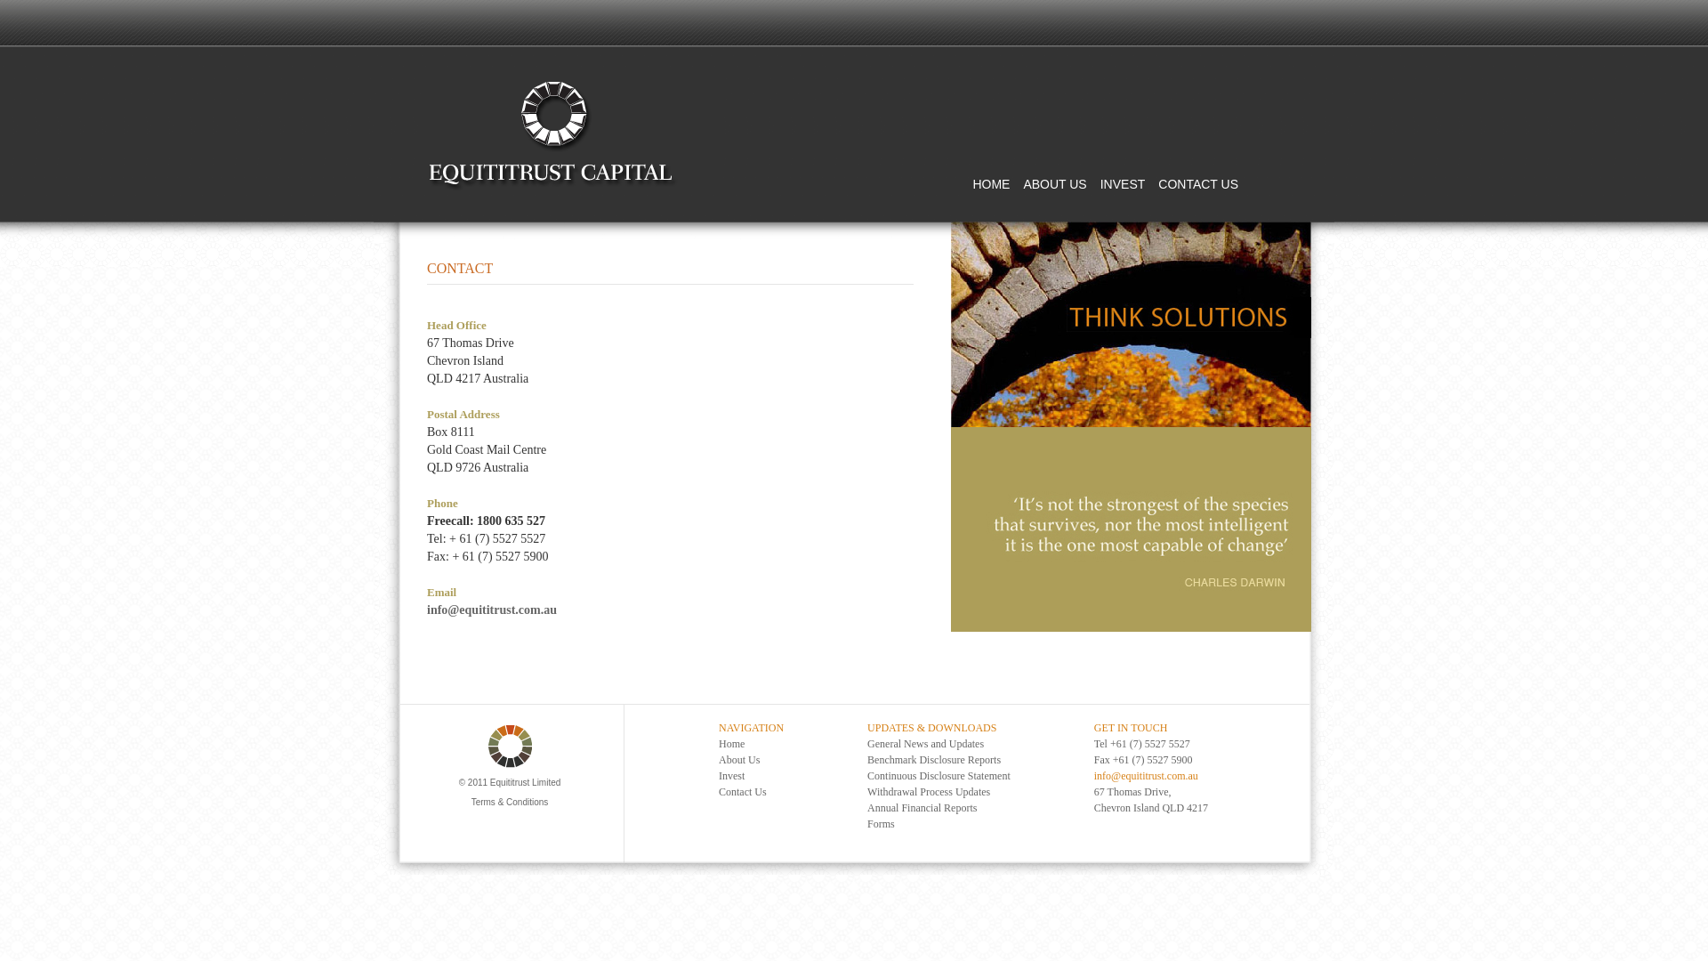 This screenshot has height=961, width=1708. What do you see at coordinates (491, 609) in the screenshot?
I see `'info@equititrust.com.au'` at bounding box center [491, 609].